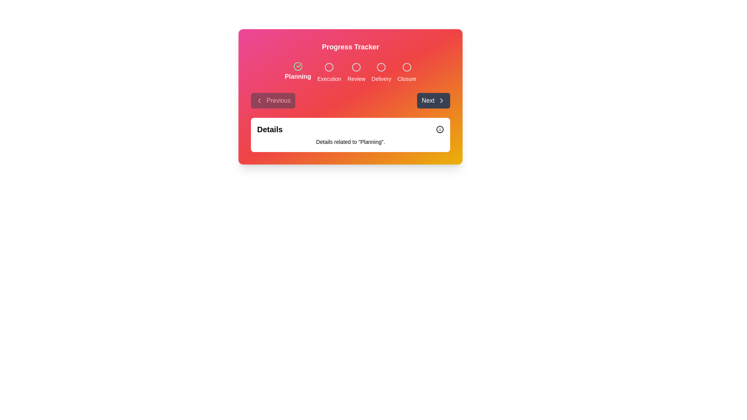 This screenshot has height=420, width=747. Describe the element at coordinates (329, 67) in the screenshot. I see `the 'Execution' step icon in the progress tracker, which is the second icon in the horizontal sequence beneath the 'Progress Tracker' label` at that location.